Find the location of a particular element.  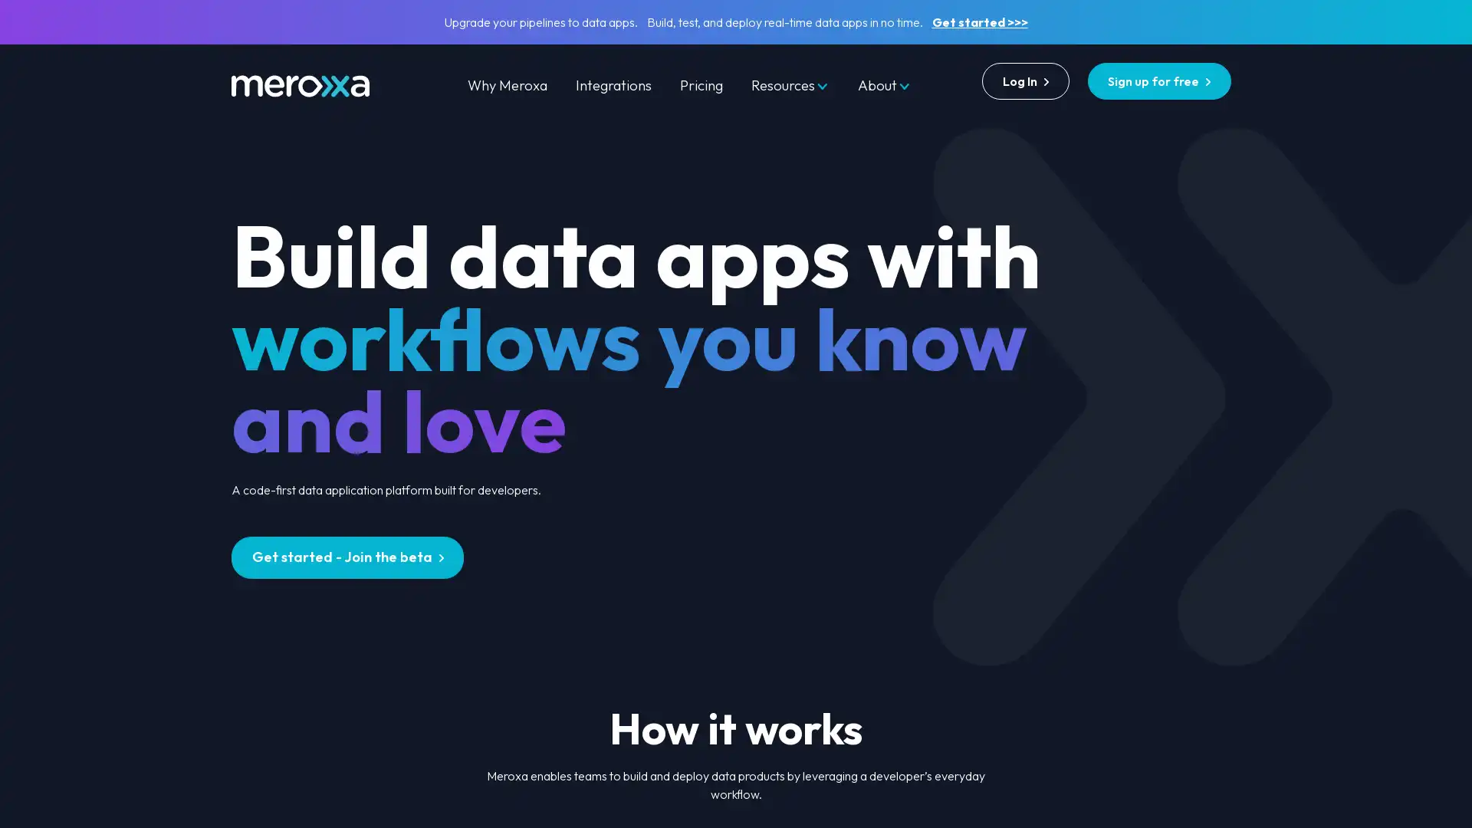

About is located at coordinates (884, 85).